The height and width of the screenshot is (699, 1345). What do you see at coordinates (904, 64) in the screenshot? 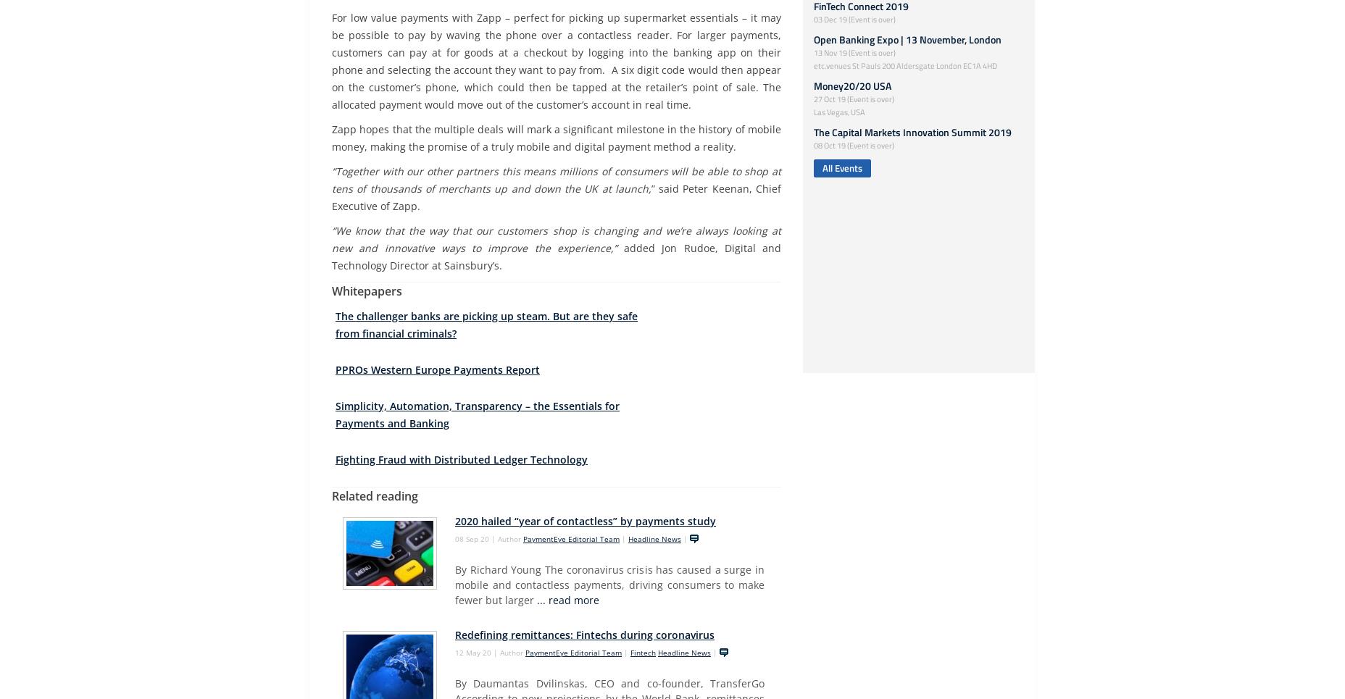
I see `'etc.venues St Pauls 200 Aldersgate London EC1A 4HD'` at bounding box center [904, 64].